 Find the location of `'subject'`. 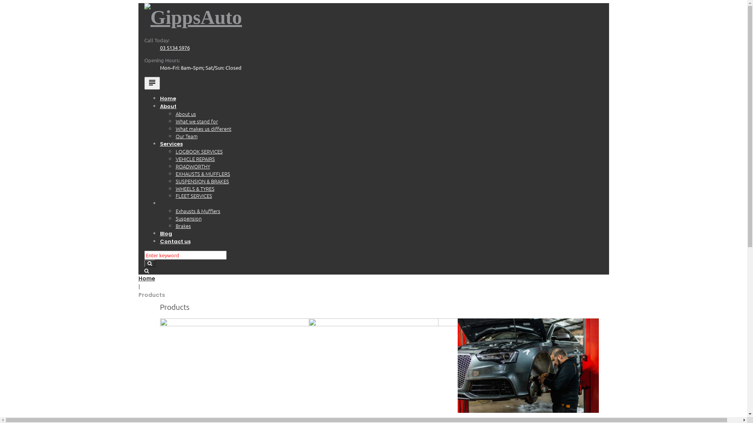

'subject' is located at coordinates (152, 83).